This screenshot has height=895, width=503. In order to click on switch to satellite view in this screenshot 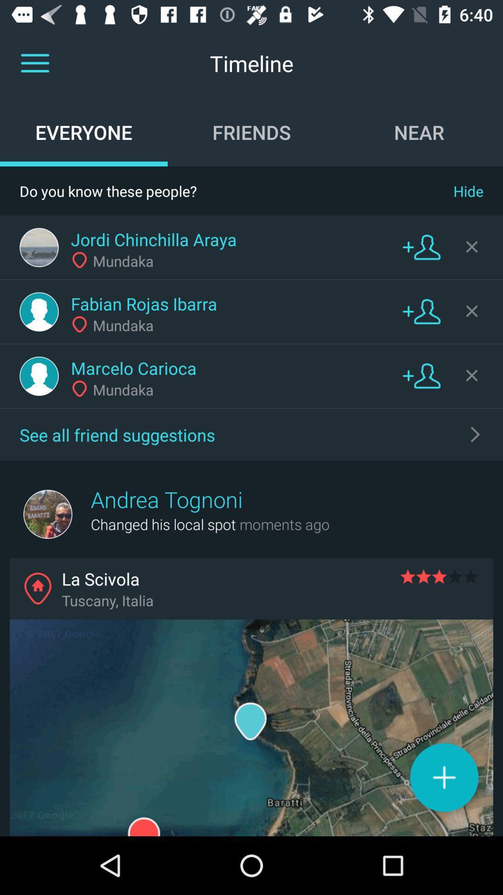, I will do `click(251, 727)`.